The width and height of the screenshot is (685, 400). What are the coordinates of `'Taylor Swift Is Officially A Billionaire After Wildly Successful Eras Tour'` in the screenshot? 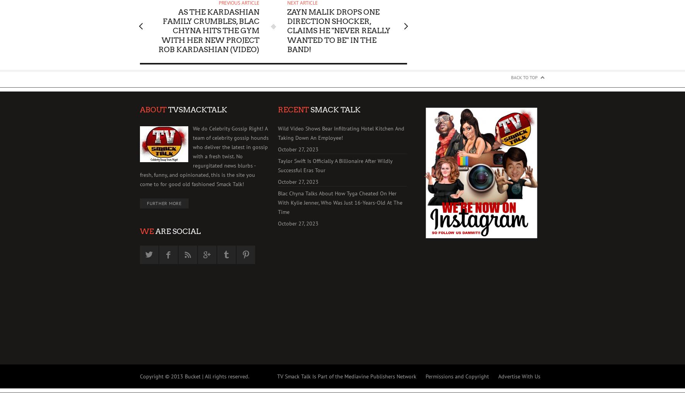 It's located at (335, 166).